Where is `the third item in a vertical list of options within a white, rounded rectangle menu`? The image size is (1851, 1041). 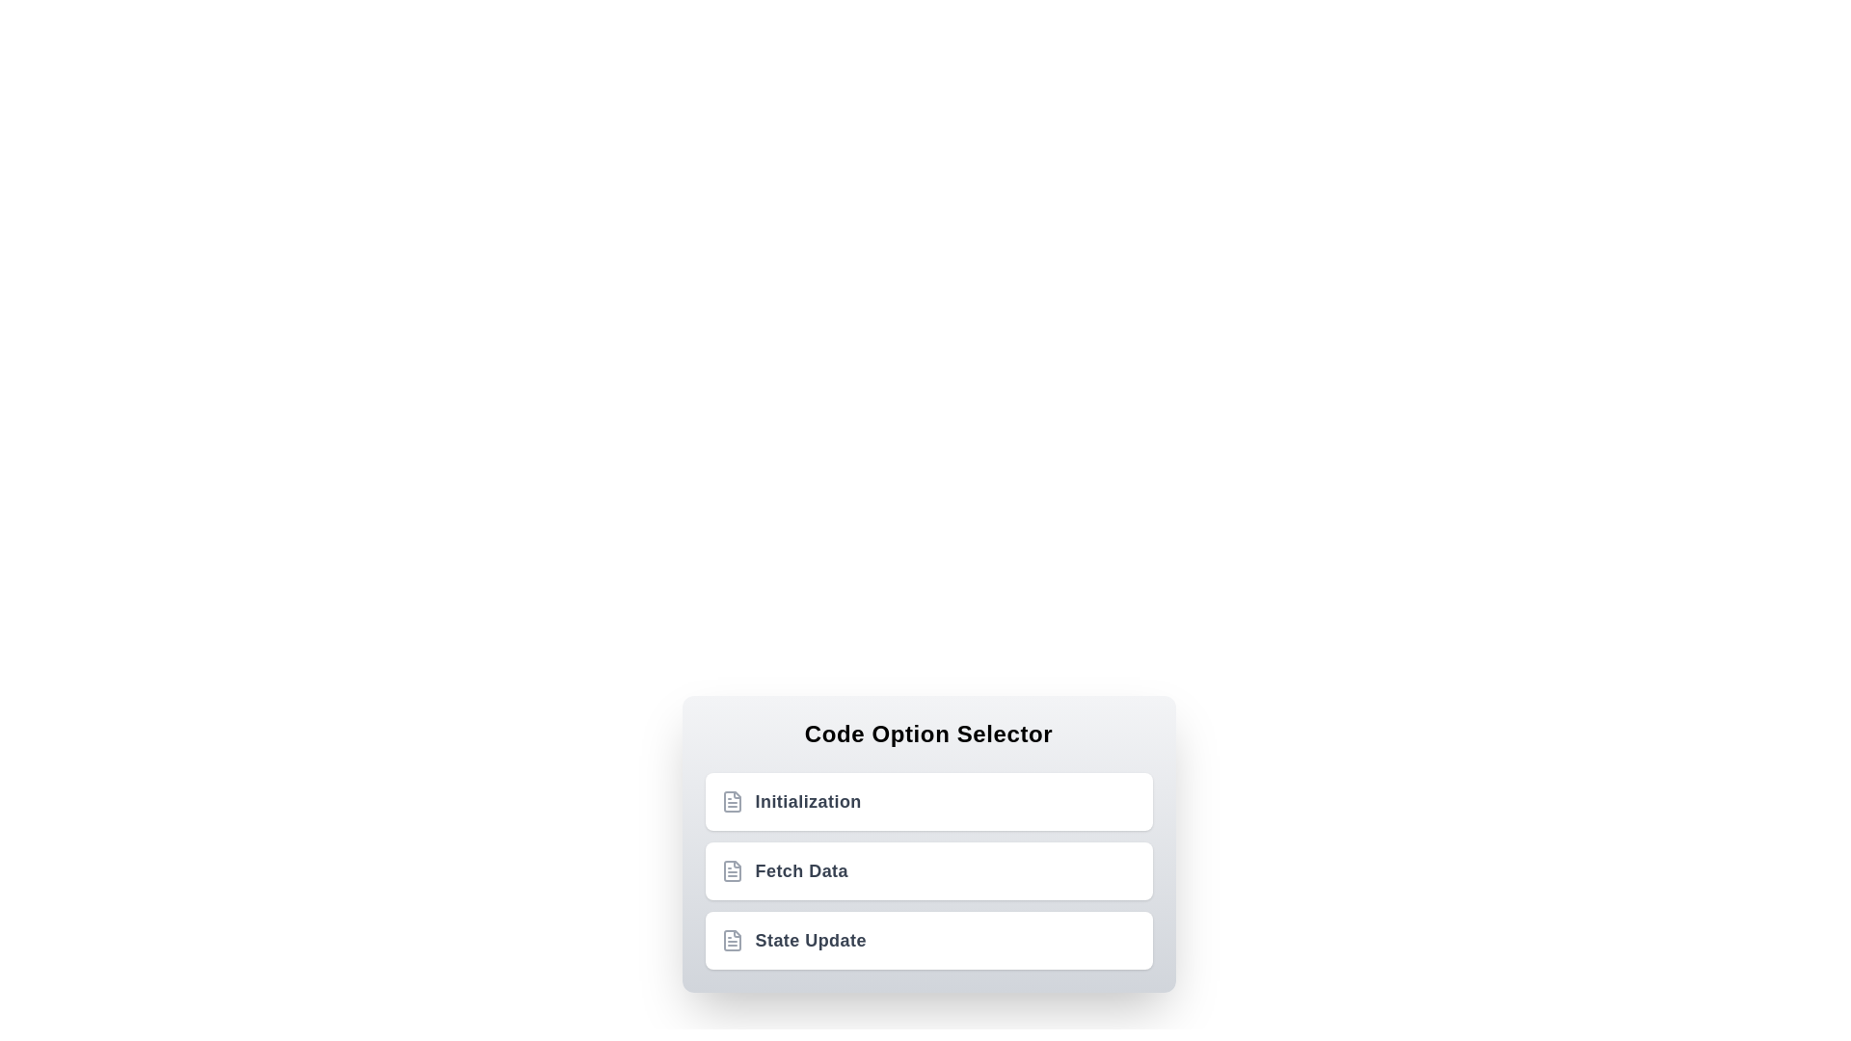 the third item in a vertical list of options within a white, rounded rectangle menu is located at coordinates (811, 939).